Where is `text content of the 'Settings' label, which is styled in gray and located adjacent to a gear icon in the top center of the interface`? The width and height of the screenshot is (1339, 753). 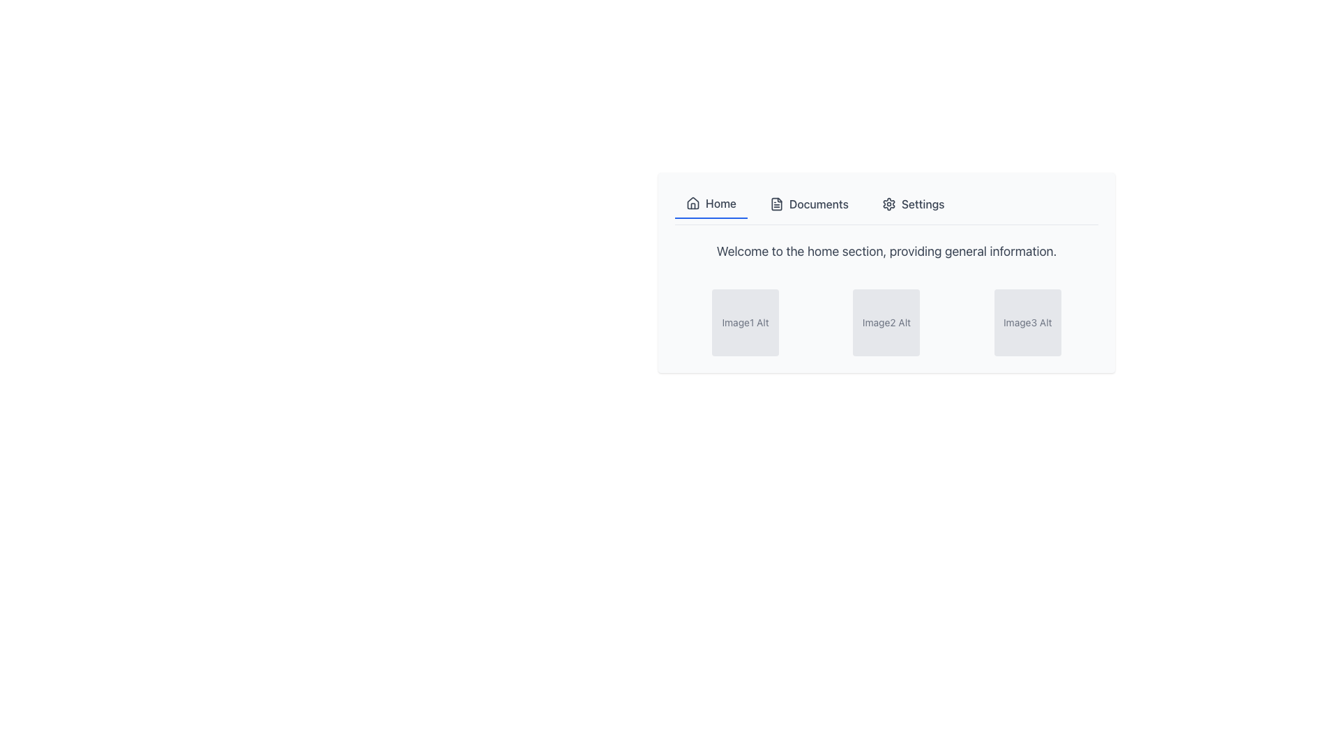 text content of the 'Settings' label, which is styled in gray and located adjacent to a gear icon in the top center of the interface is located at coordinates (923, 204).